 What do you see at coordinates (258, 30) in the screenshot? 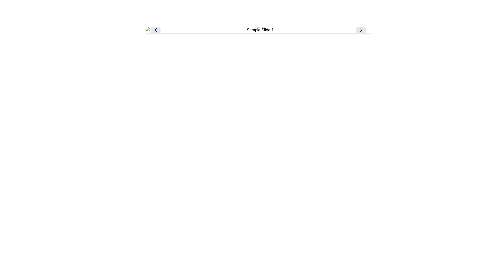
I see `the static text element that displays the current slide's title or index, located centrally between two button-like elements on a horizontal bar at the top of a white background area` at bounding box center [258, 30].